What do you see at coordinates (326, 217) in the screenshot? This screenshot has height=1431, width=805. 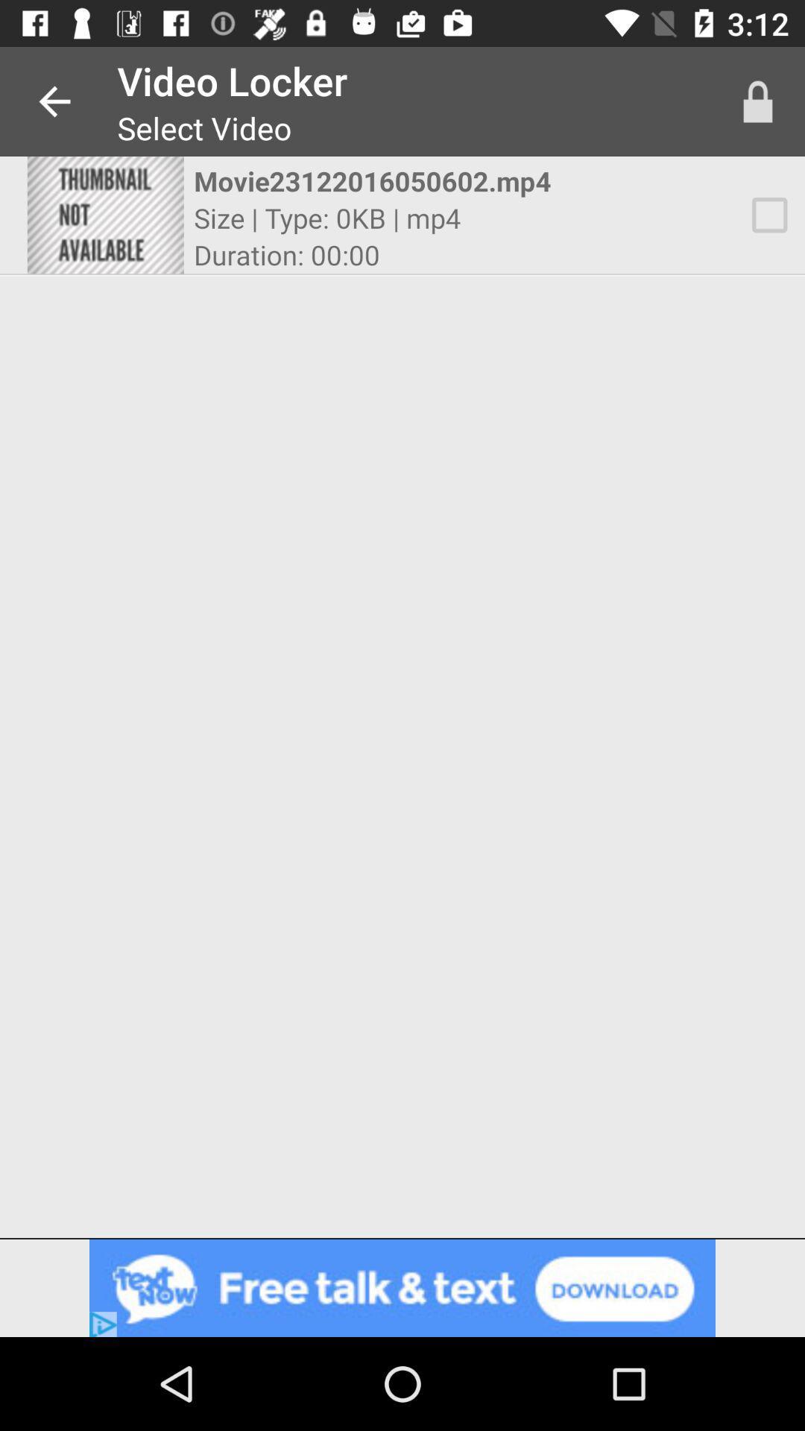 I see `size type 0kb icon` at bounding box center [326, 217].